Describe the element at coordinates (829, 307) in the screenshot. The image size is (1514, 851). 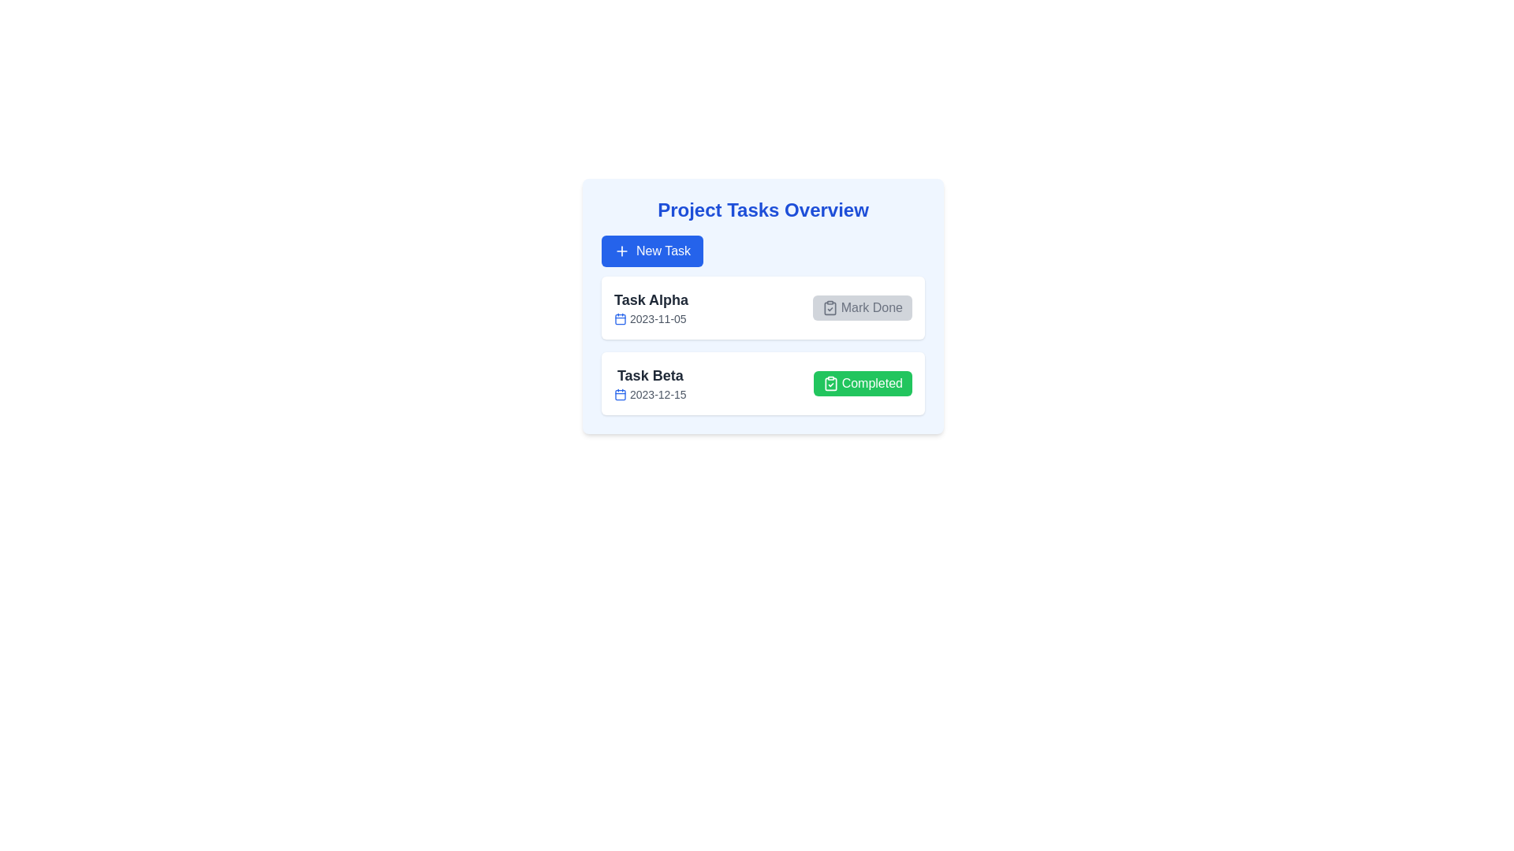
I see `clipboard icon with a check mark located within the 'Mark Done' button next to 'Task Alpha'` at that location.